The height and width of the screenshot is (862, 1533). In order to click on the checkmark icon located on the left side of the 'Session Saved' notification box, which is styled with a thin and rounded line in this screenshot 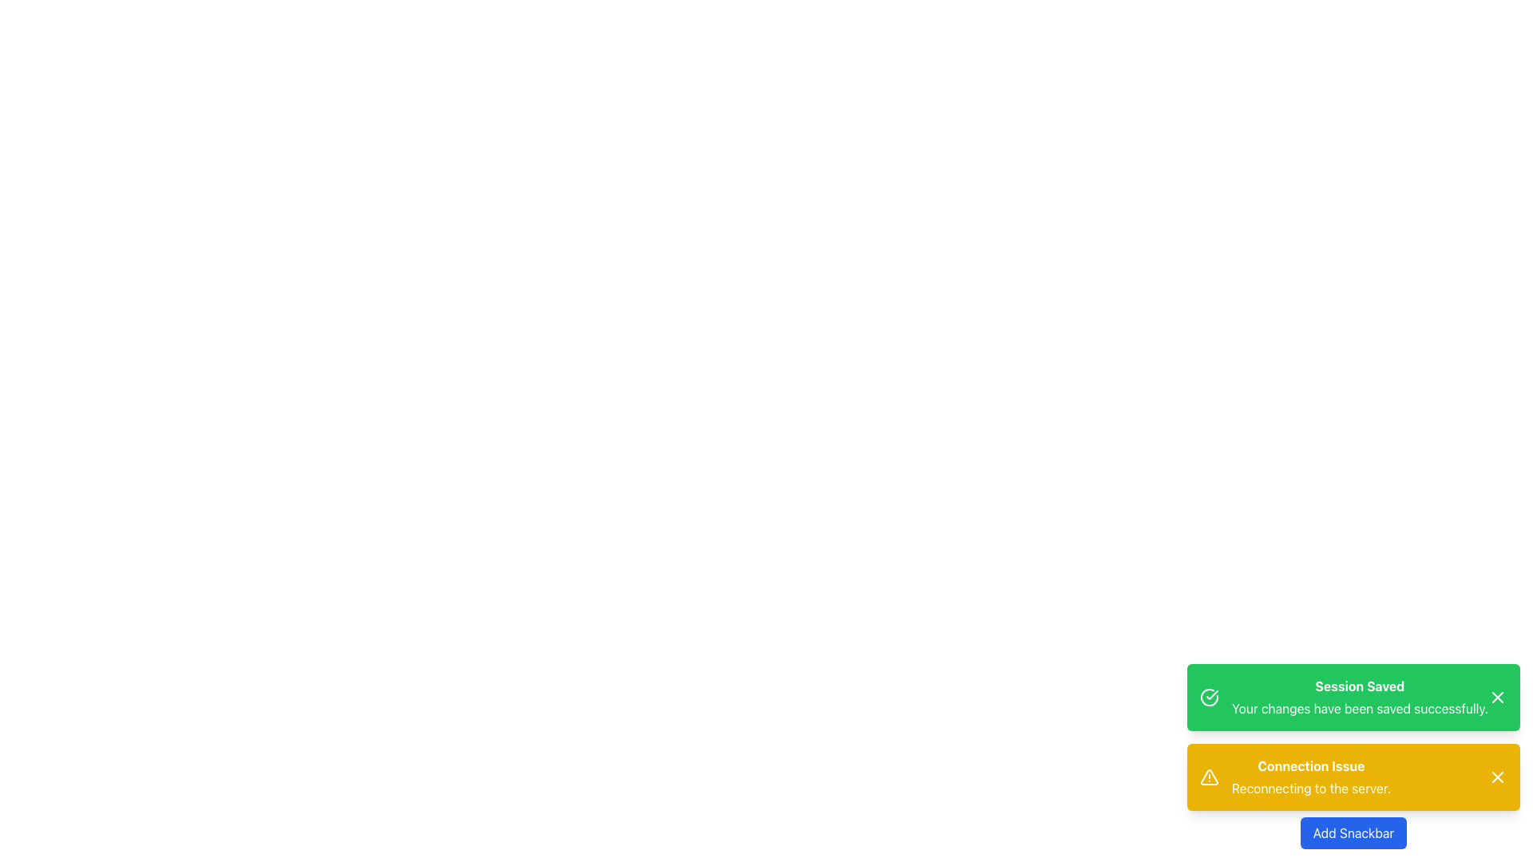, I will do `click(1212, 694)`.